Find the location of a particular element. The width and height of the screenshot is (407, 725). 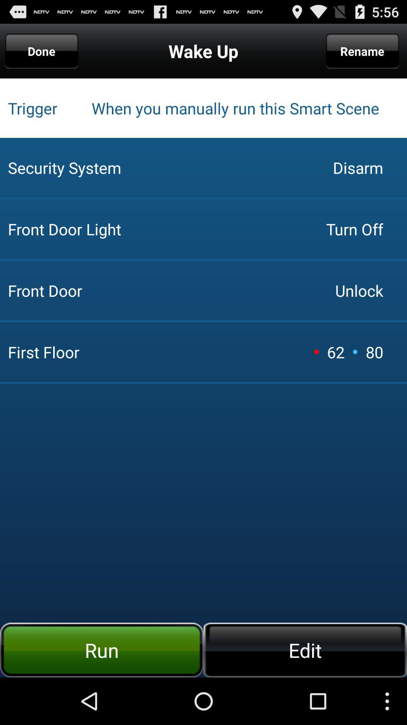

the item next to run button is located at coordinates (305, 649).